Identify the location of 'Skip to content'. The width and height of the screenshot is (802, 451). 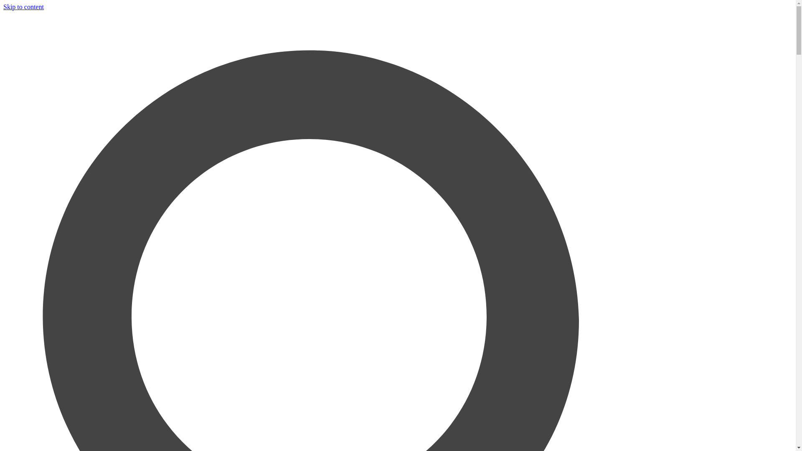
(3, 7).